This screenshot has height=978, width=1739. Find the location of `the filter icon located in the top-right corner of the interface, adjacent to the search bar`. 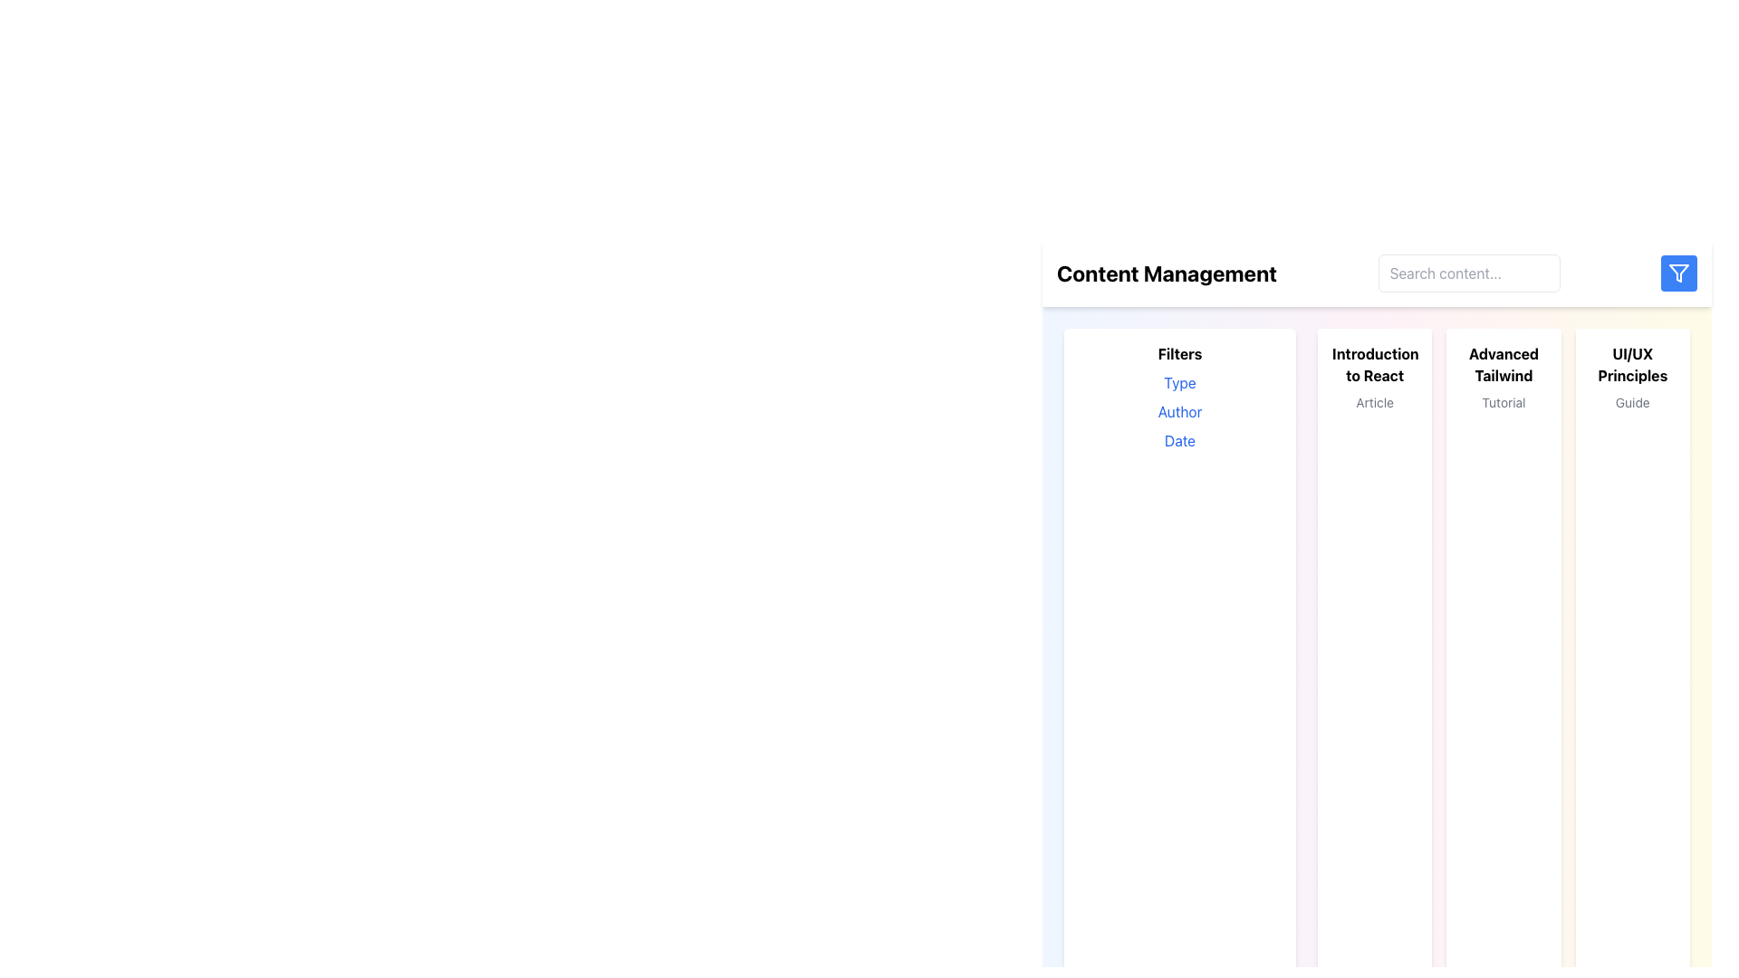

the filter icon located in the top-right corner of the interface, adjacent to the search bar is located at coordinates (1677, 273).